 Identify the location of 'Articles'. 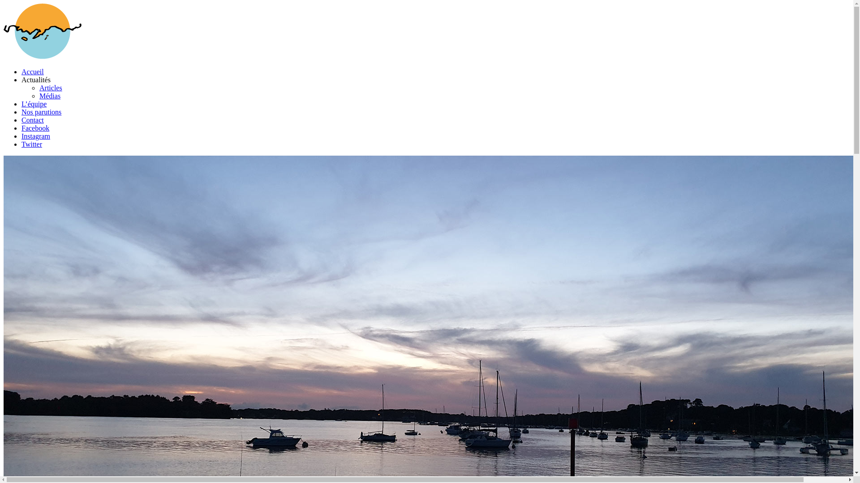
(50, 88).